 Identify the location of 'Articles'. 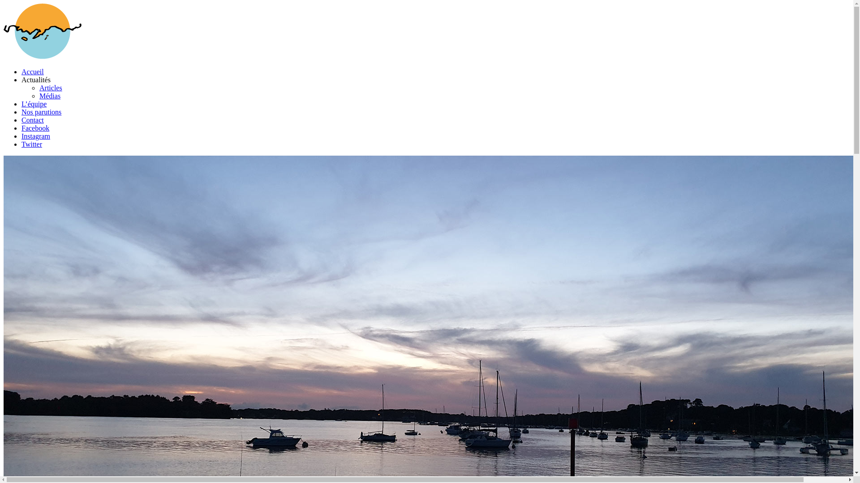
(50, 88).